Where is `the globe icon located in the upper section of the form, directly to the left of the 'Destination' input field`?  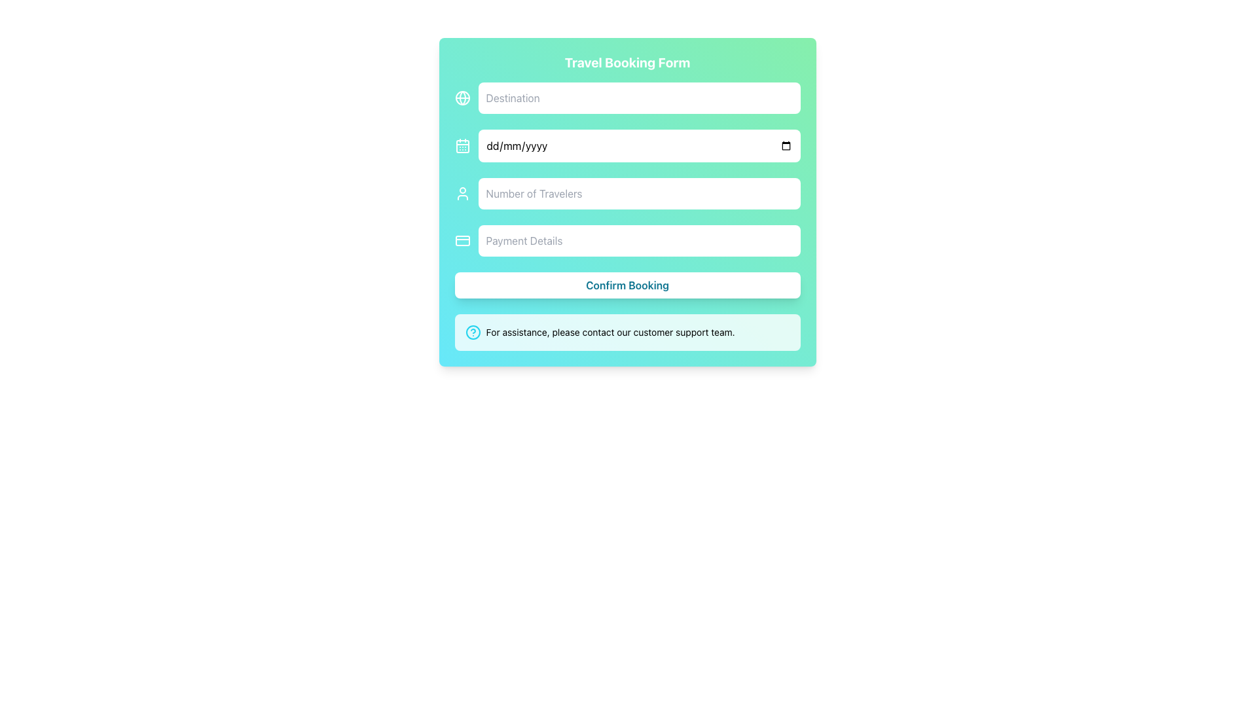 the globe icon located in the upper section of the form, directly to the left of the 'Destination' input field is located at coordinates (462, 98).